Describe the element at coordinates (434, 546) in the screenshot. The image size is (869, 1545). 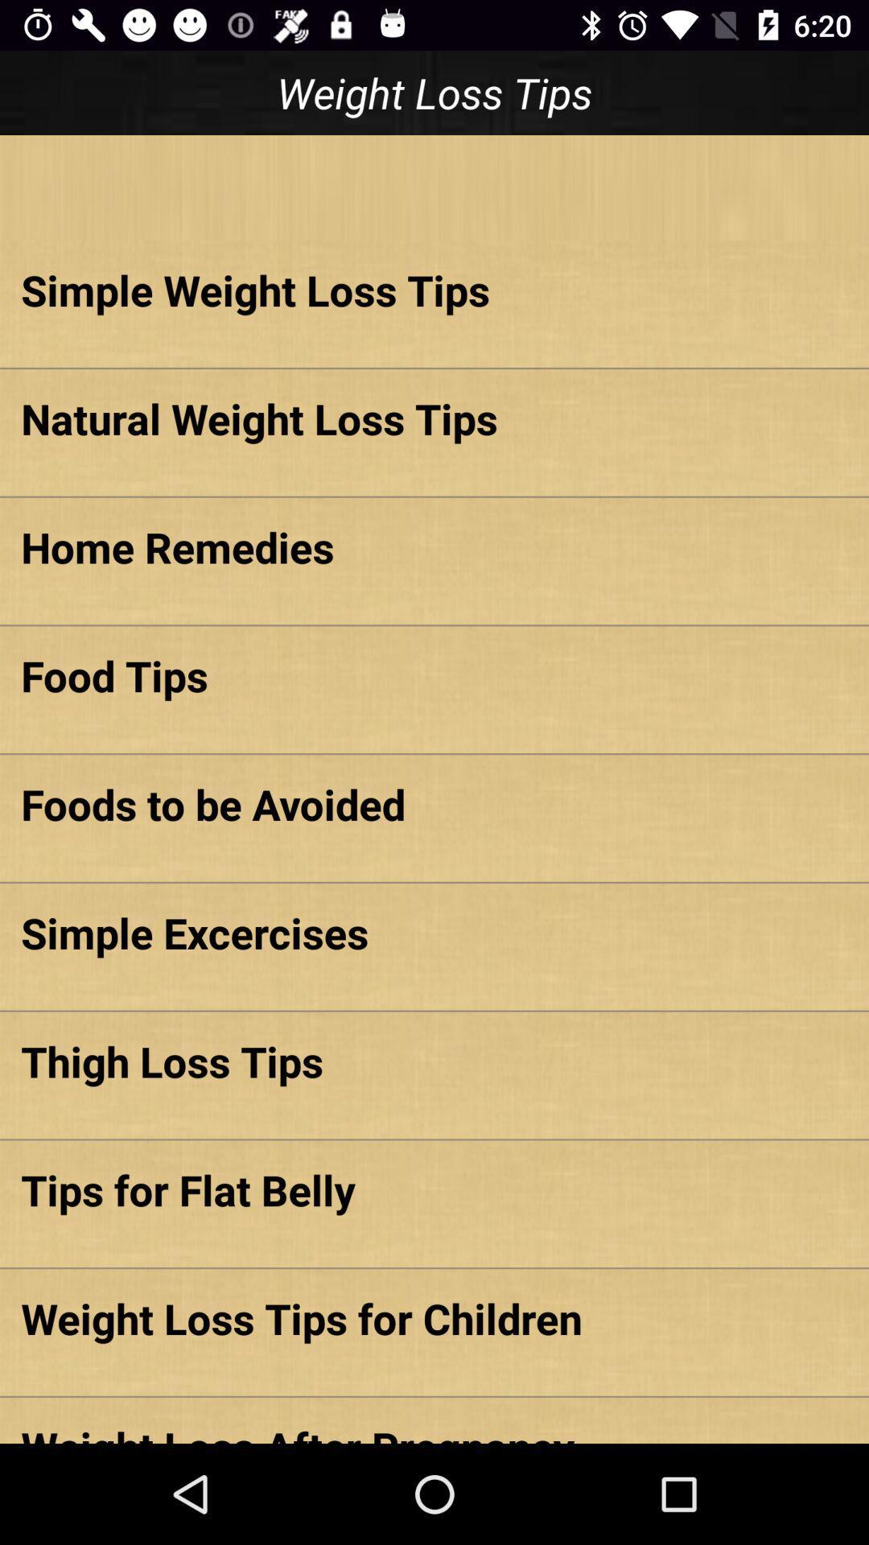
I see `home remedies icon` at that location.